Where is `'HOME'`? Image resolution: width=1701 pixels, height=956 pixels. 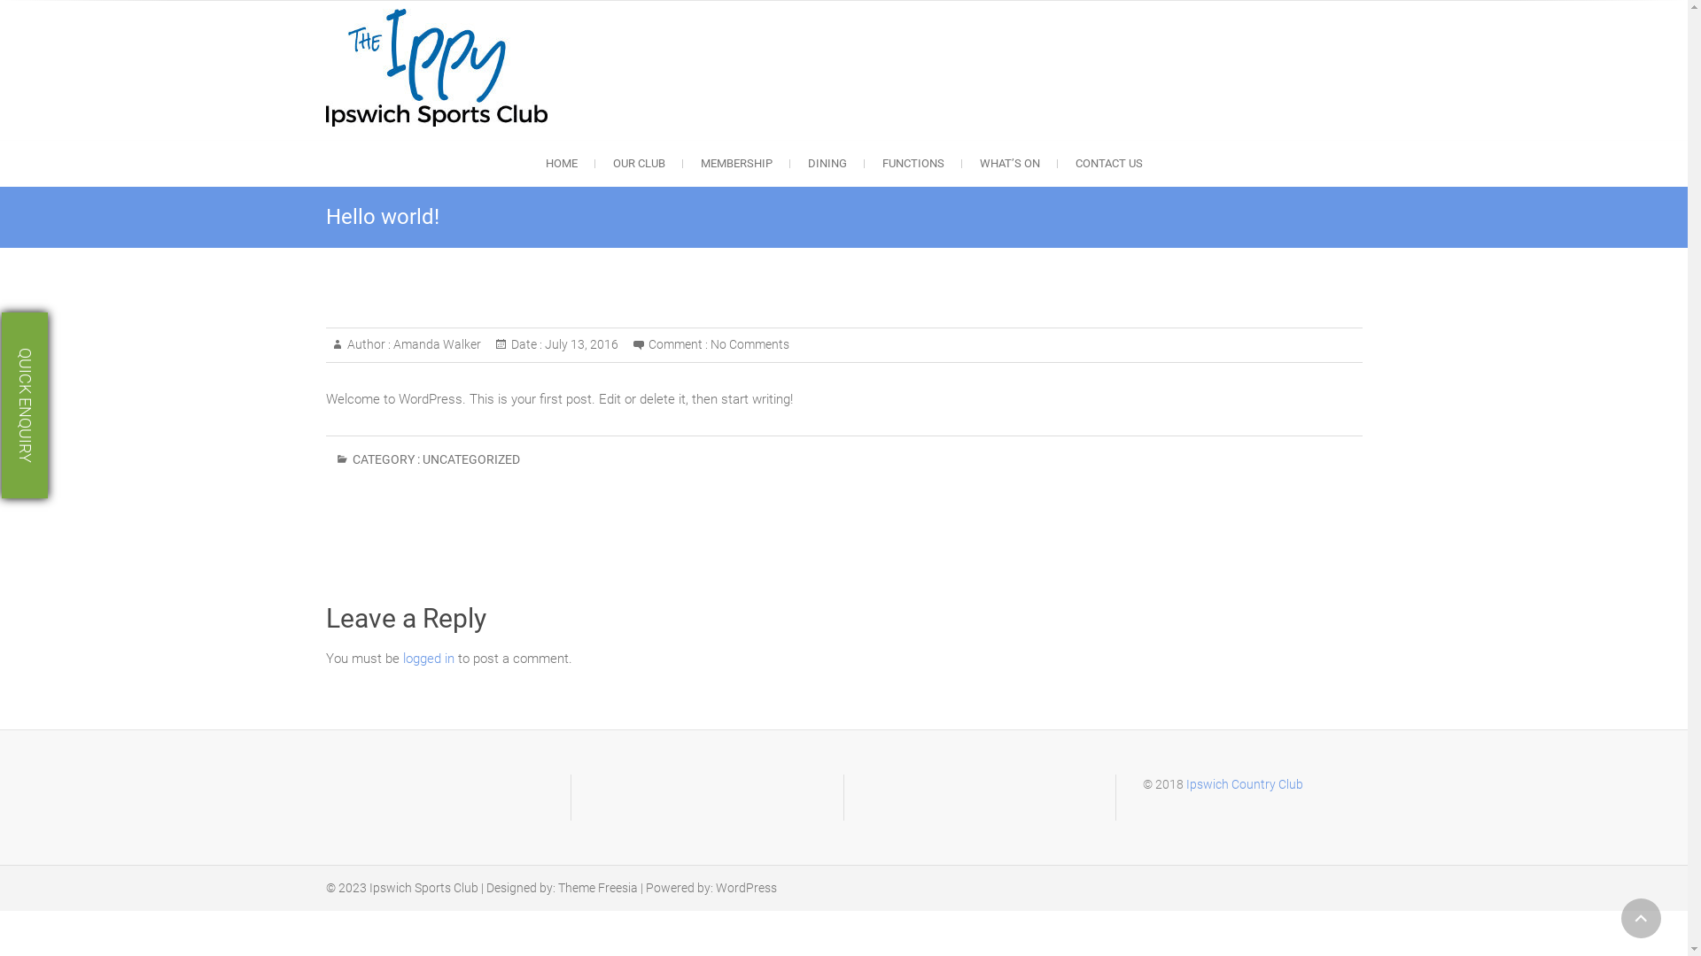 'HOME' is located at coordinates (560, 164).